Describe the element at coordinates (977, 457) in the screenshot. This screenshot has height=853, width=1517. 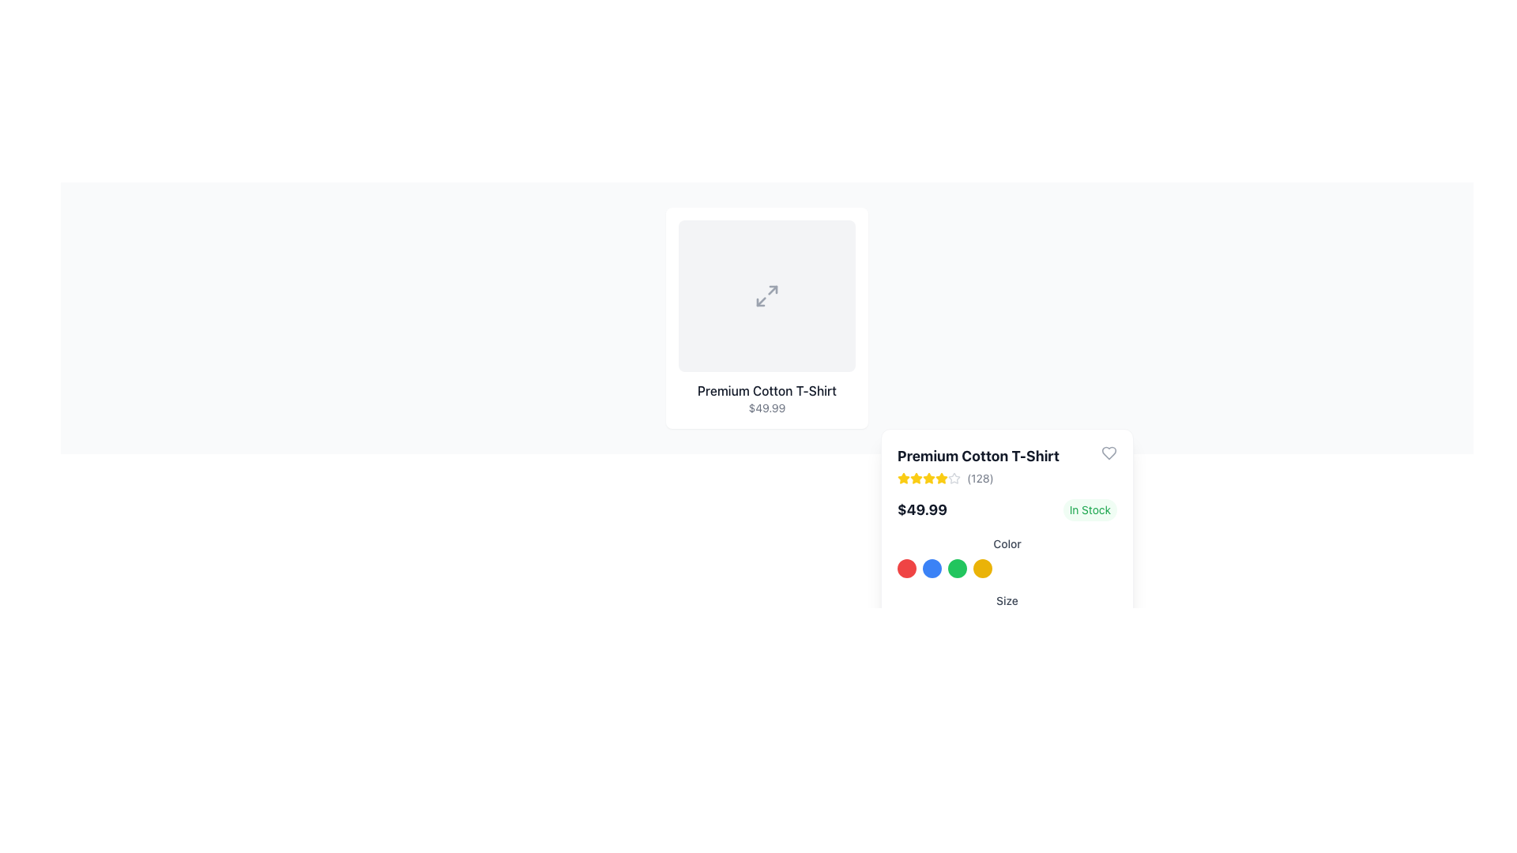
I see `the text label displaying 'Premium Cotton T-Shirt', which is prominently styled in bold, large font on a light background, located at the top of the content above the rating stars and review count` at that location.